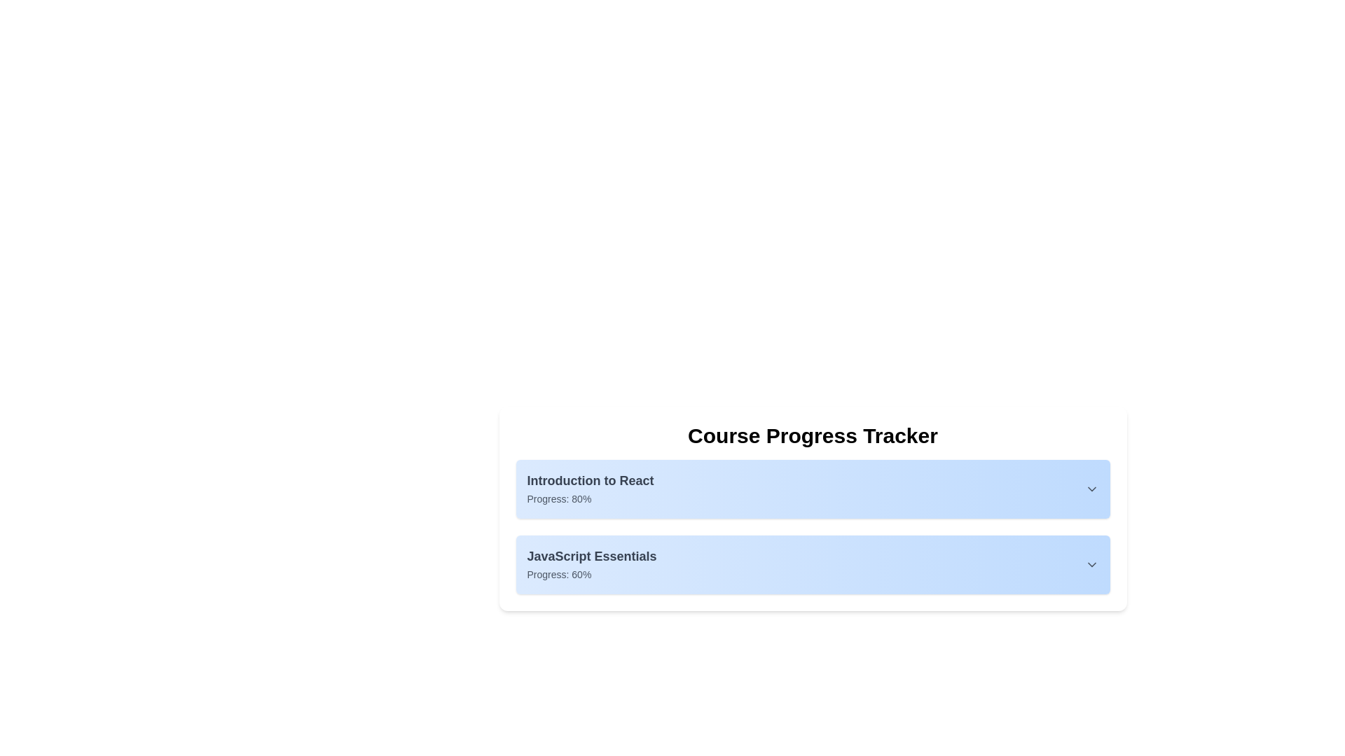 Image resolution: width=1345 pixels, height=756 pixels. Describe the element at coordinates (558, 498) in the screenshot. I see `the static text displaying 'Progress: 80%' located inside the card titled 'Introduction to React' which is positioned at the bottom of the card, providing completion status for the course` at that location.